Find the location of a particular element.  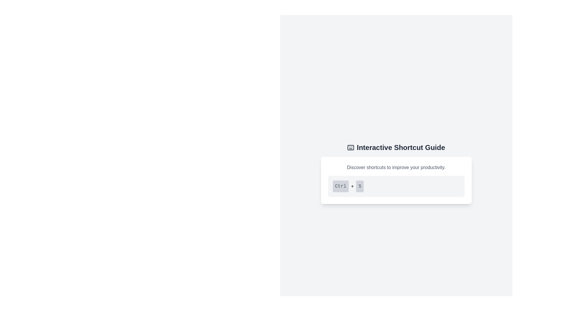

the keyboard shortcut display button that shows the character 'S' with a light gray background and rounded corners, which is positioned to the right of the 'Ctrl' key is located at coordinates (360, 186).